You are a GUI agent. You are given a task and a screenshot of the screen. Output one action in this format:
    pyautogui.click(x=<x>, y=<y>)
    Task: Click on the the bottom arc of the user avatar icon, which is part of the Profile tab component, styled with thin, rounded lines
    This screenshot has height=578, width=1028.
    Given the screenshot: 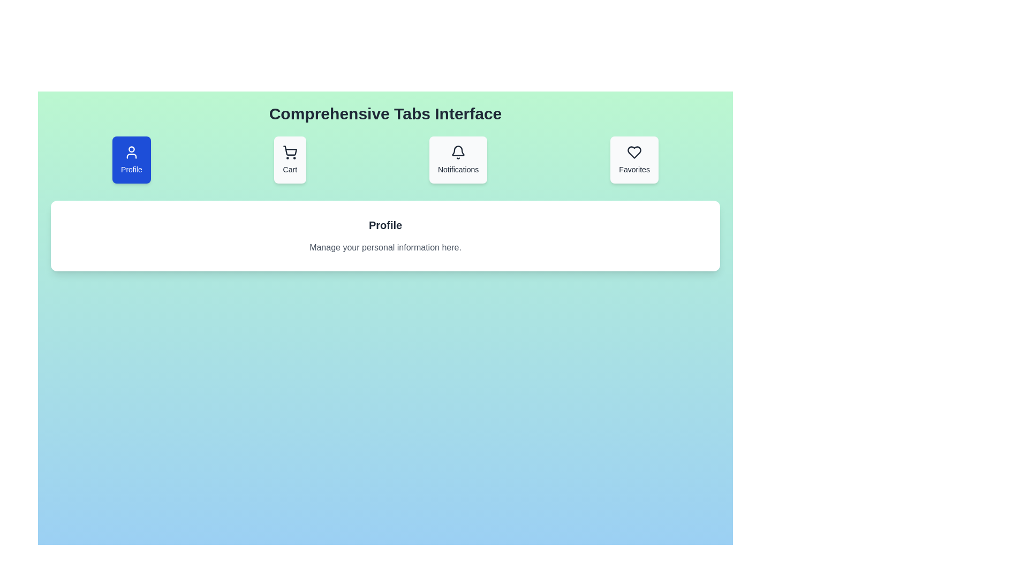 What is the action you would take?
    pyautogui.click(x=131, y=156)
    